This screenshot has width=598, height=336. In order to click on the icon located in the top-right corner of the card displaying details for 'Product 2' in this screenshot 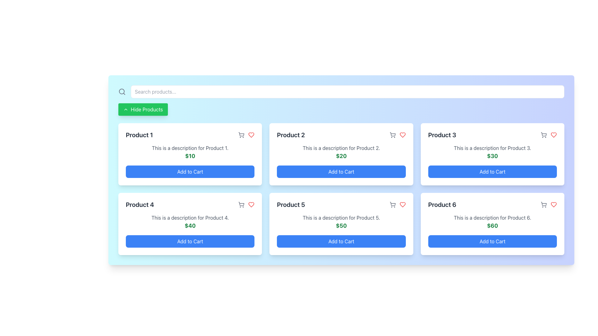, I will do `click(392, 135)`.